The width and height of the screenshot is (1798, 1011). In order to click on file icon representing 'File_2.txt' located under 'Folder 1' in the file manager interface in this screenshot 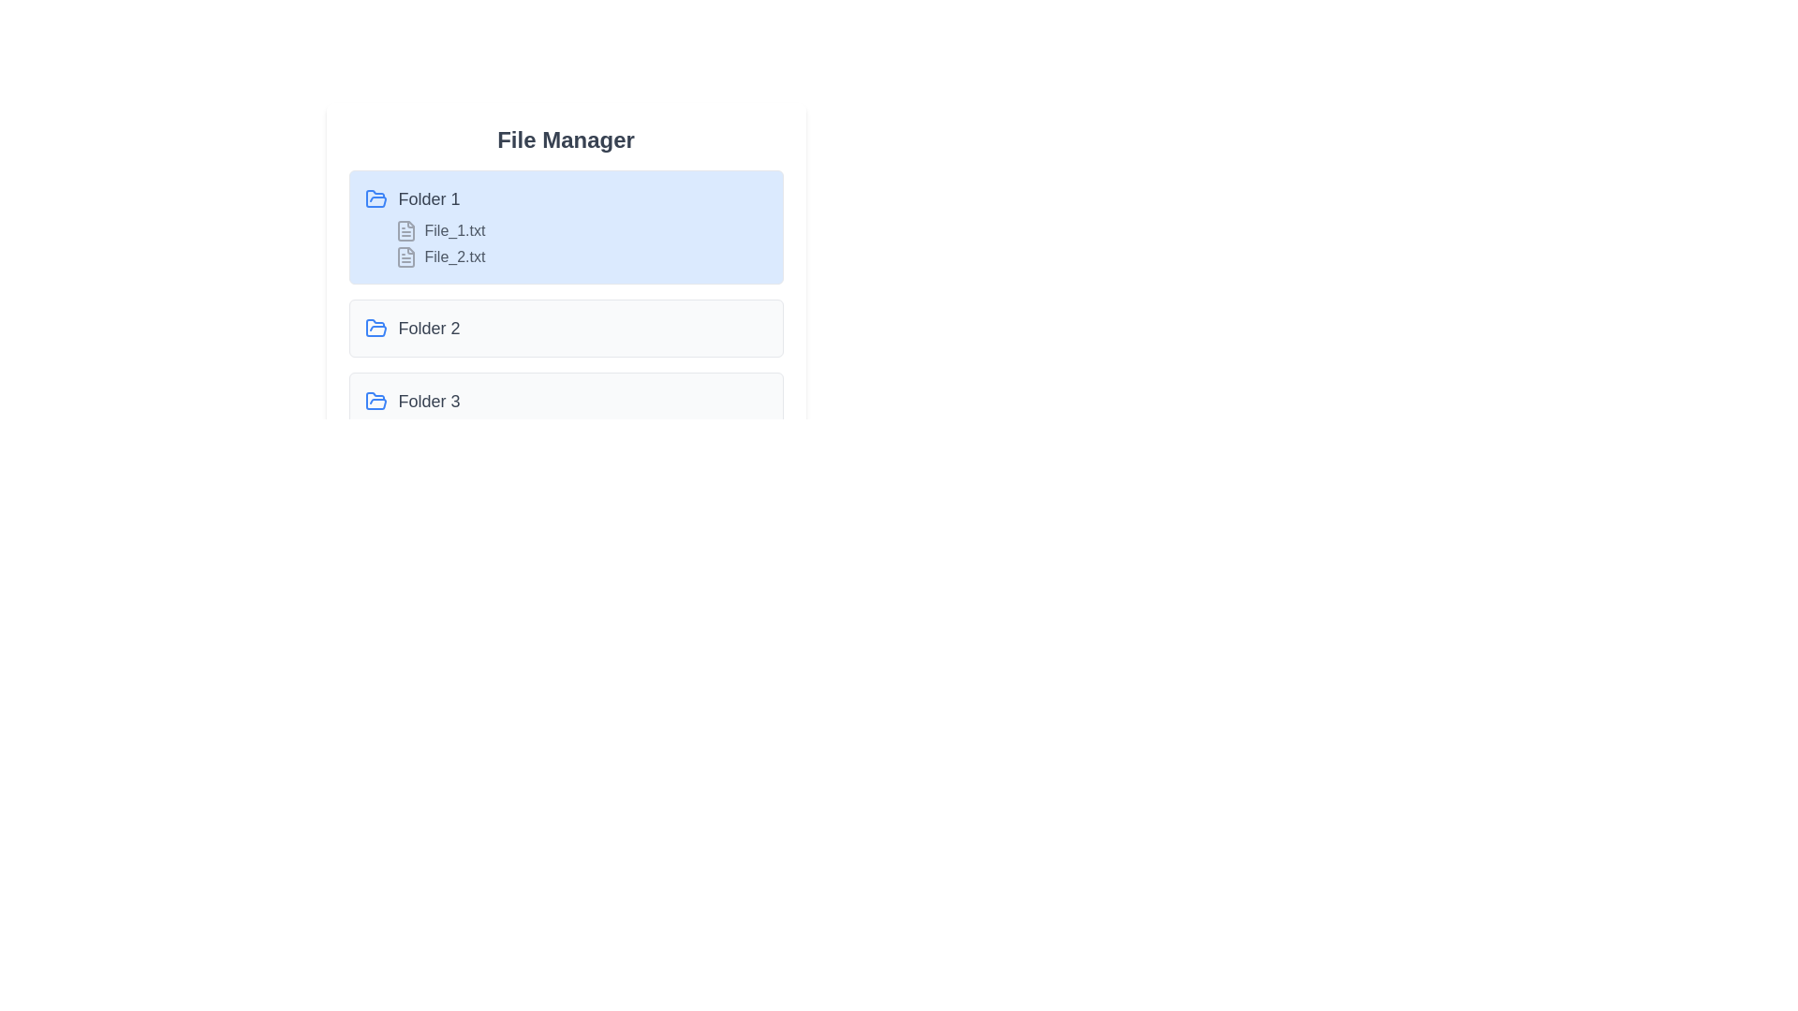, I will do `click(405, 256)`.